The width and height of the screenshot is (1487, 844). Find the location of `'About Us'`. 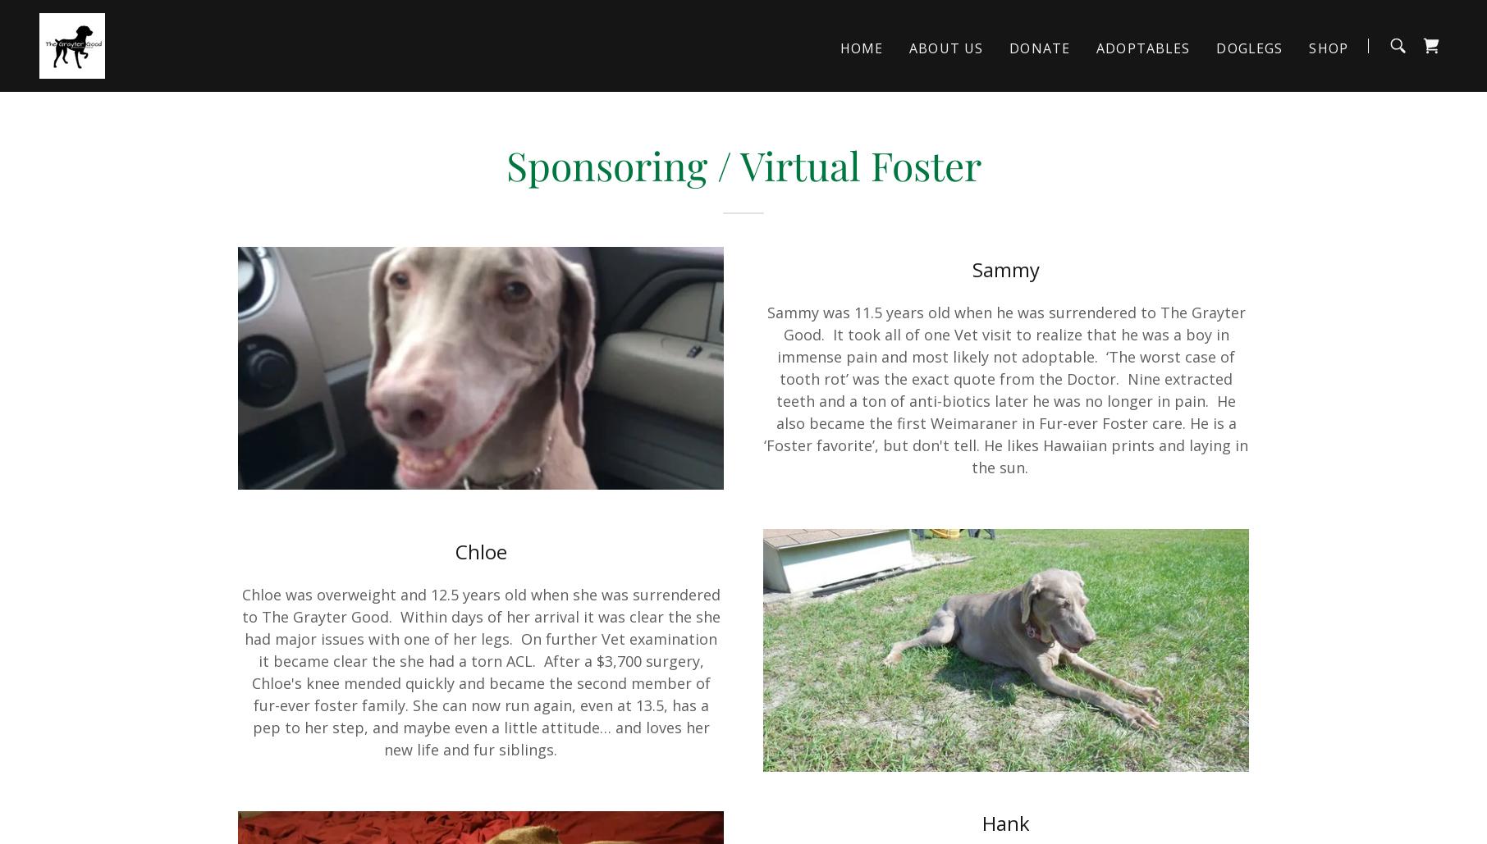

'About Us' is located at coordinates (945, 48).